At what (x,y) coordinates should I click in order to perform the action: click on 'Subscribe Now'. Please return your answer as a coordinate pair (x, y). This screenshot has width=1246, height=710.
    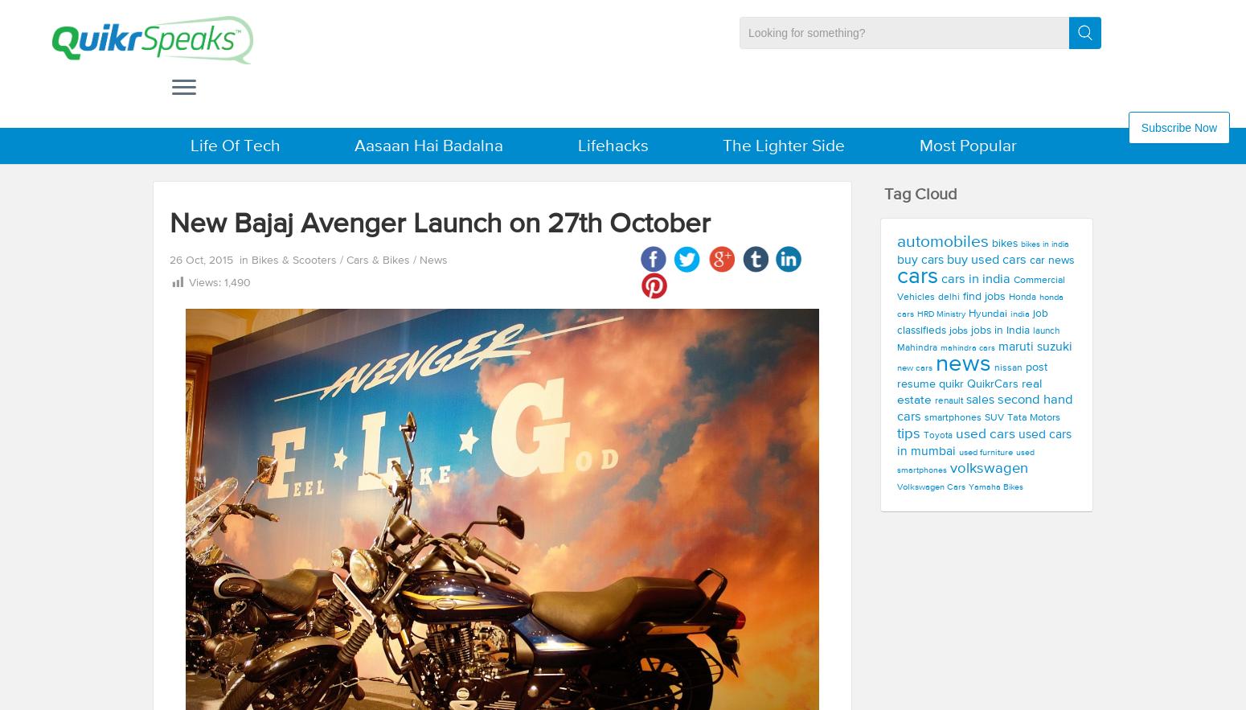
    Looking at the image, I should click on (1178, 126).